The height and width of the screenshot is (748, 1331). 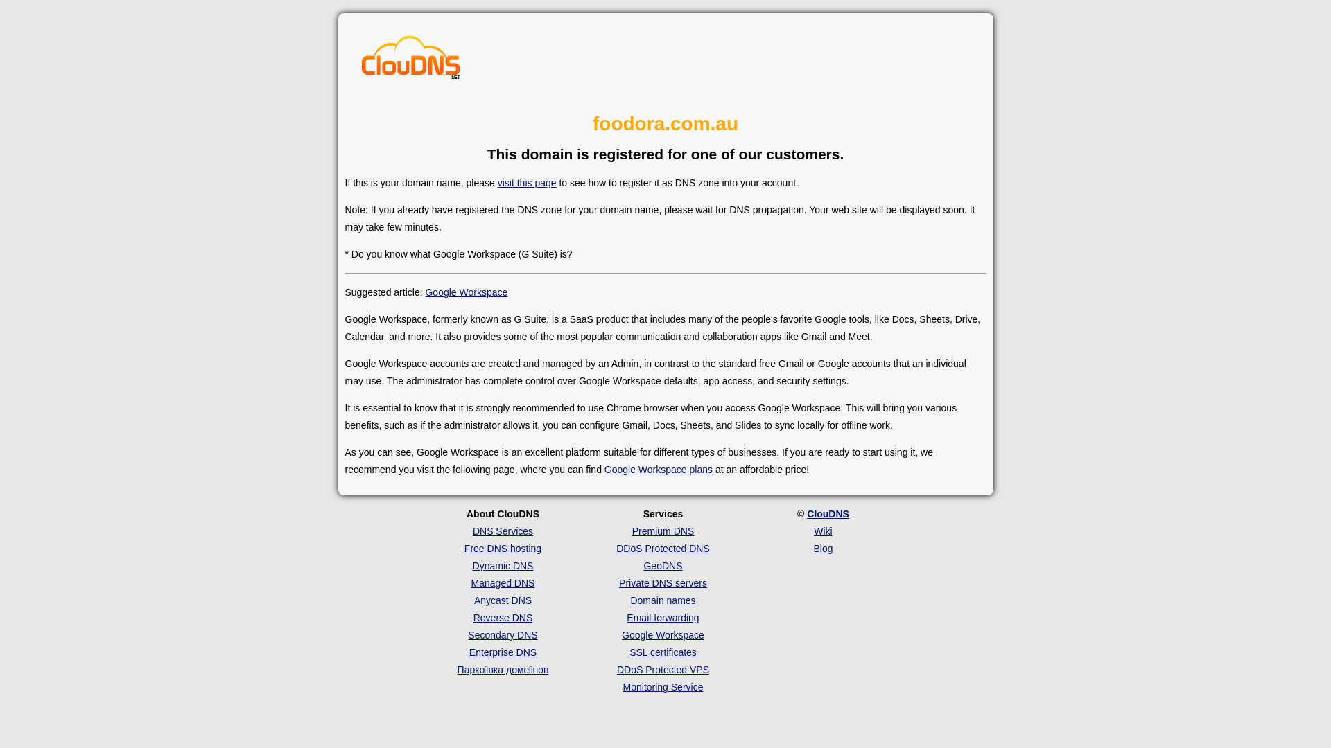 What do you see at coordinates (410, 60) in the screenshot?
I see `'Cloud DNS'` at bounding box center [410, 60].